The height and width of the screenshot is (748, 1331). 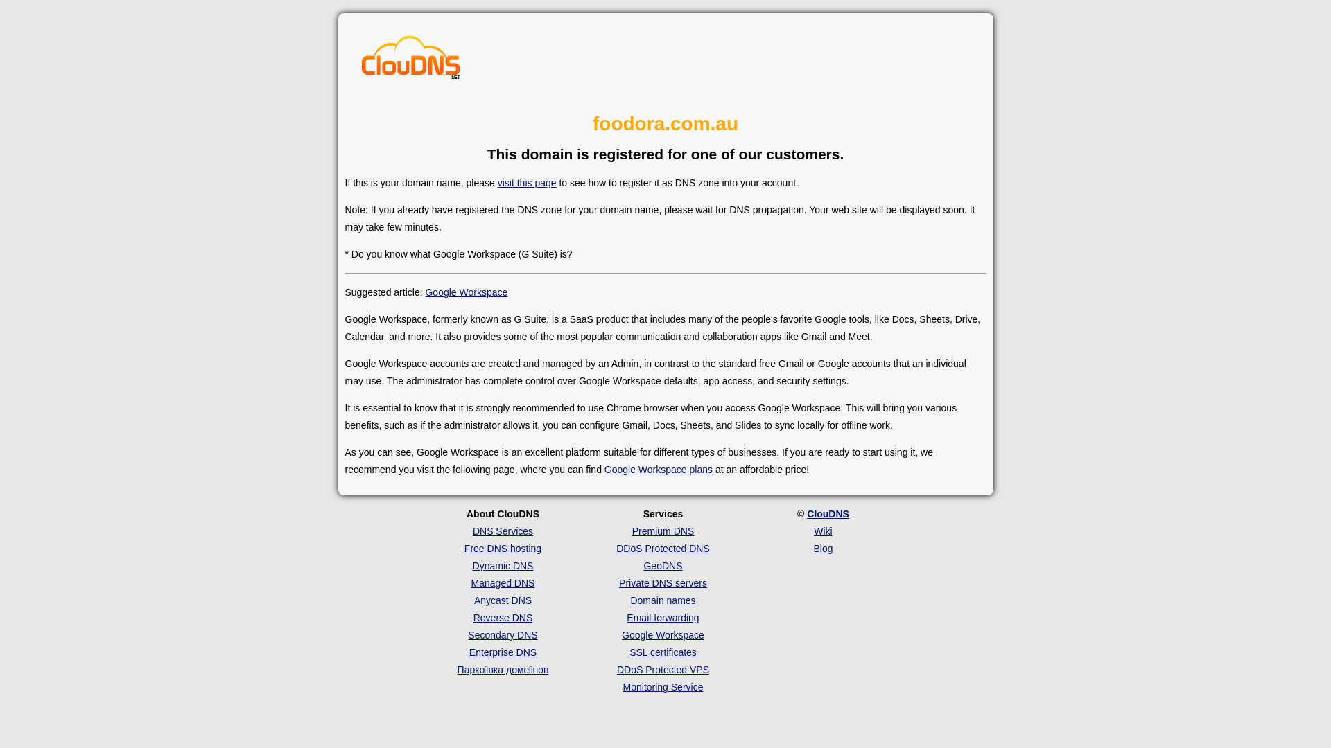 What do you see at coordinates (410, 60) in the screenshot?
I see `'Cloud DNS'` at bounding box center [410, 60].